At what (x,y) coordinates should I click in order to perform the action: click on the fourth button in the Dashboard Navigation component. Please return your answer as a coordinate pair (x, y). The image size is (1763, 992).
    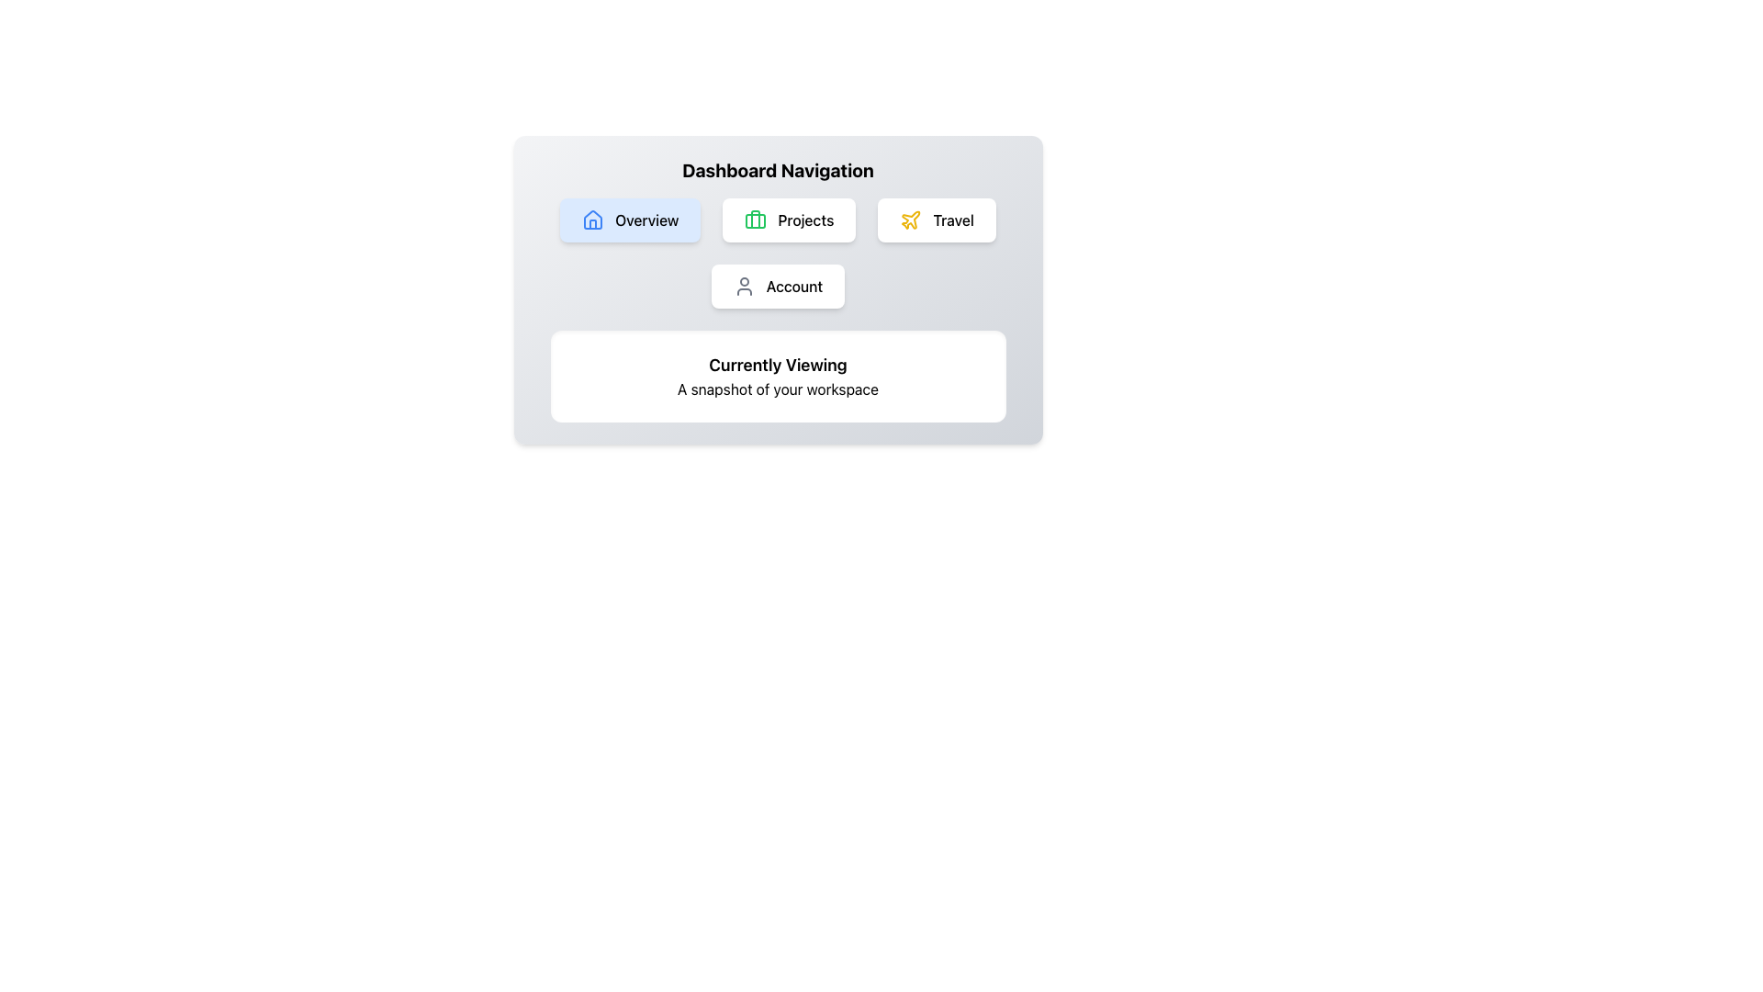
    Looking at the image, I should click on (778, 287).